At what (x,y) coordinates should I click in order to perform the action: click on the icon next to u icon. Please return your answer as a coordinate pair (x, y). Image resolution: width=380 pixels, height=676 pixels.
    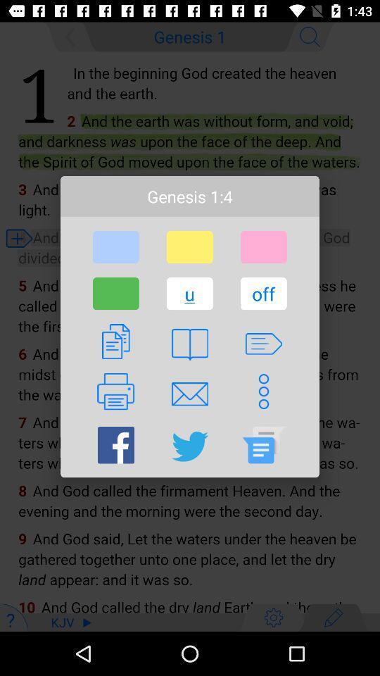
    Looking at the image, I should click on (115, 293).